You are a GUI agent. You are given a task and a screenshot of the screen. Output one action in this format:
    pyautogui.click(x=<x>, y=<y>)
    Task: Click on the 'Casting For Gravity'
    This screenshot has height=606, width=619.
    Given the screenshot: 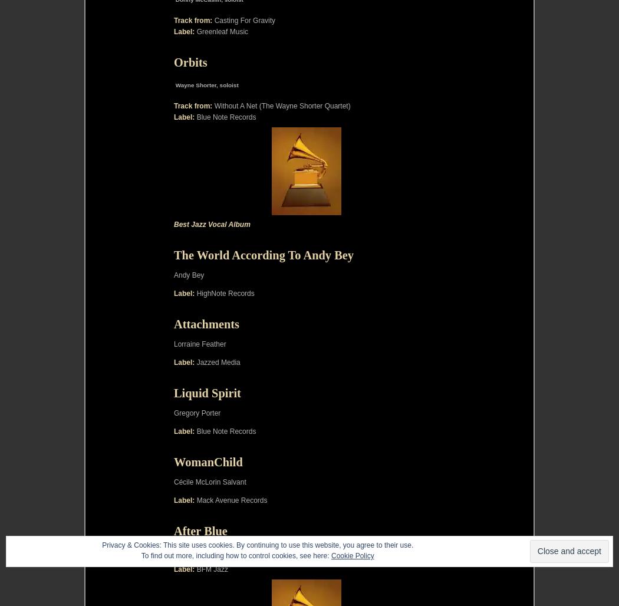 What is the action you would take?
    pyautogui.click(x=243, y=20)
    